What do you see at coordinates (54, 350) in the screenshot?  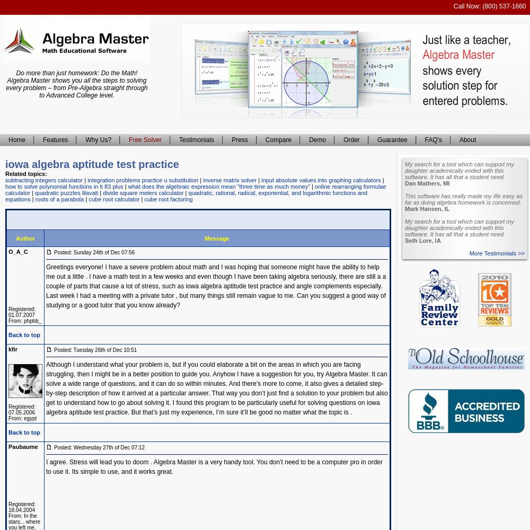 I see `'Posted: Tuesday 26th of Dec 10:51'` at bounding box center [54, 350].